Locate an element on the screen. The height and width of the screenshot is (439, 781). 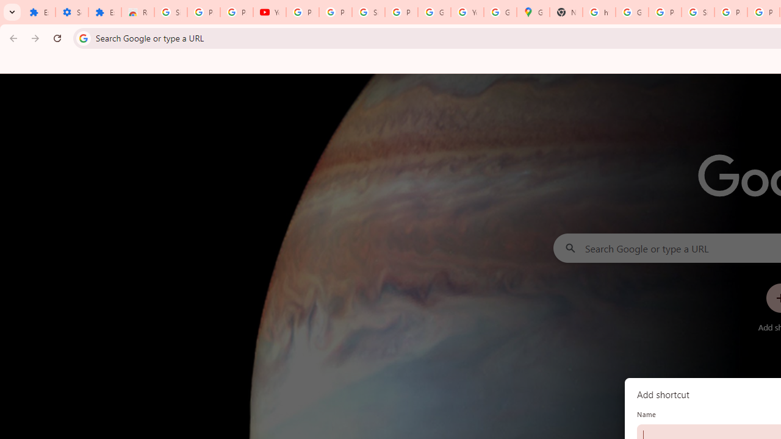
'Sign in - Google Accounts' is located at coordinates (698, 12).